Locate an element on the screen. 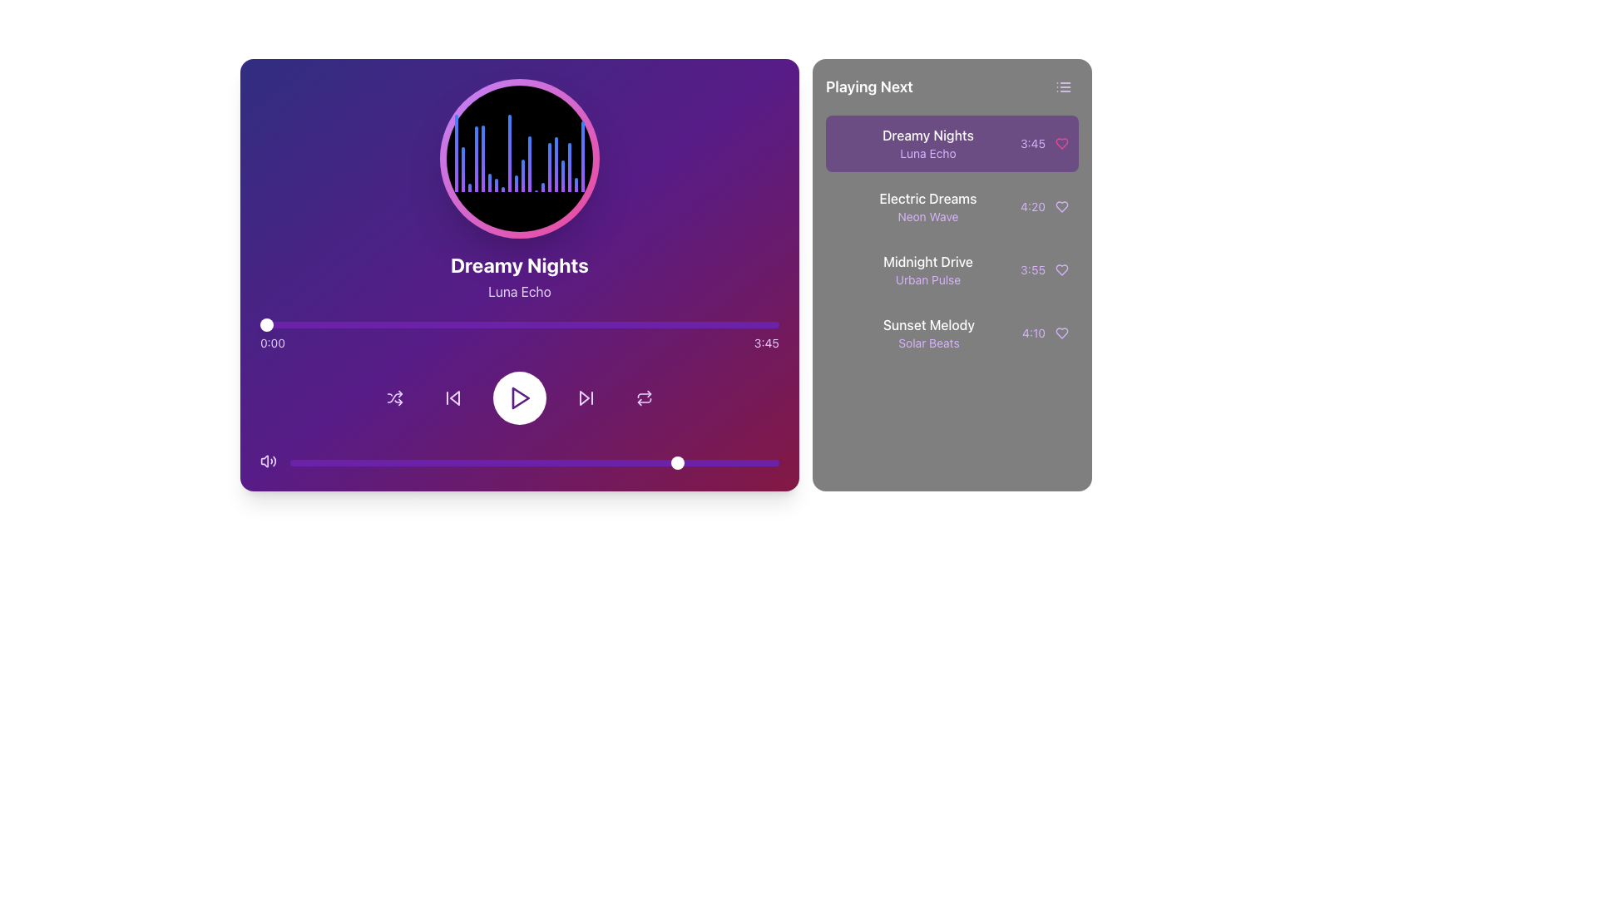 The width and height of the screenshot is (1597, 898). the leftward pointing red arrow button in the audio control section is located at coordinates (455, 397).